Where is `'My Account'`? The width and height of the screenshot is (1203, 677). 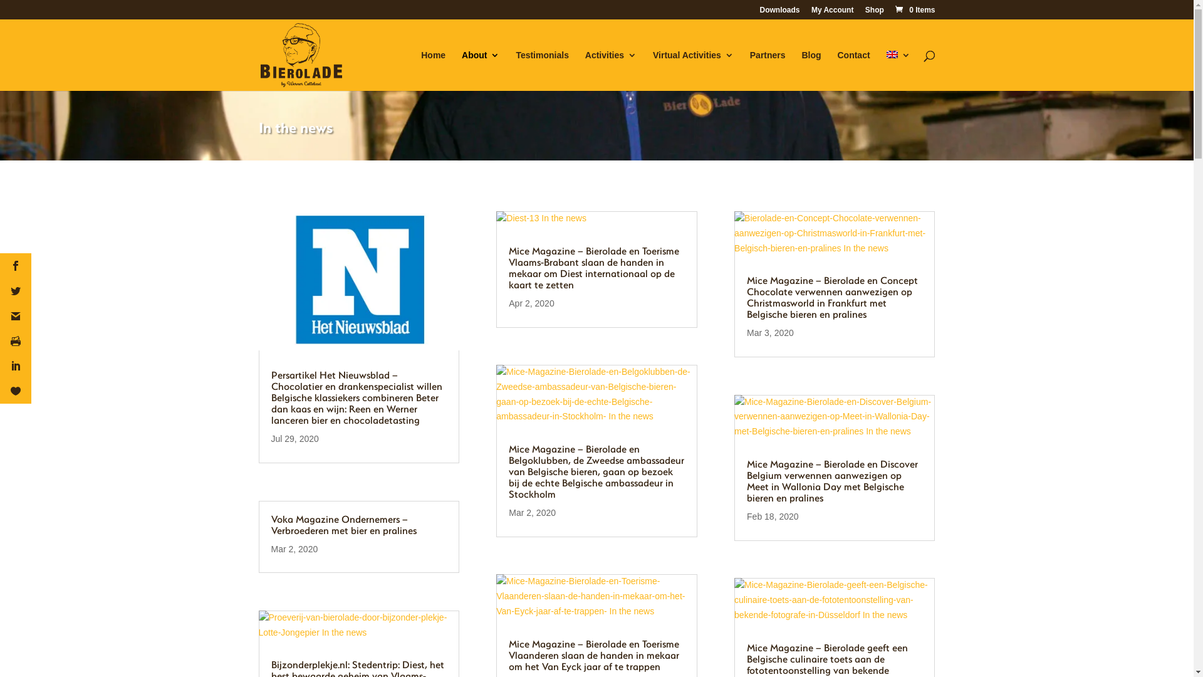 'My Account' is located at coordinates (833, 13).